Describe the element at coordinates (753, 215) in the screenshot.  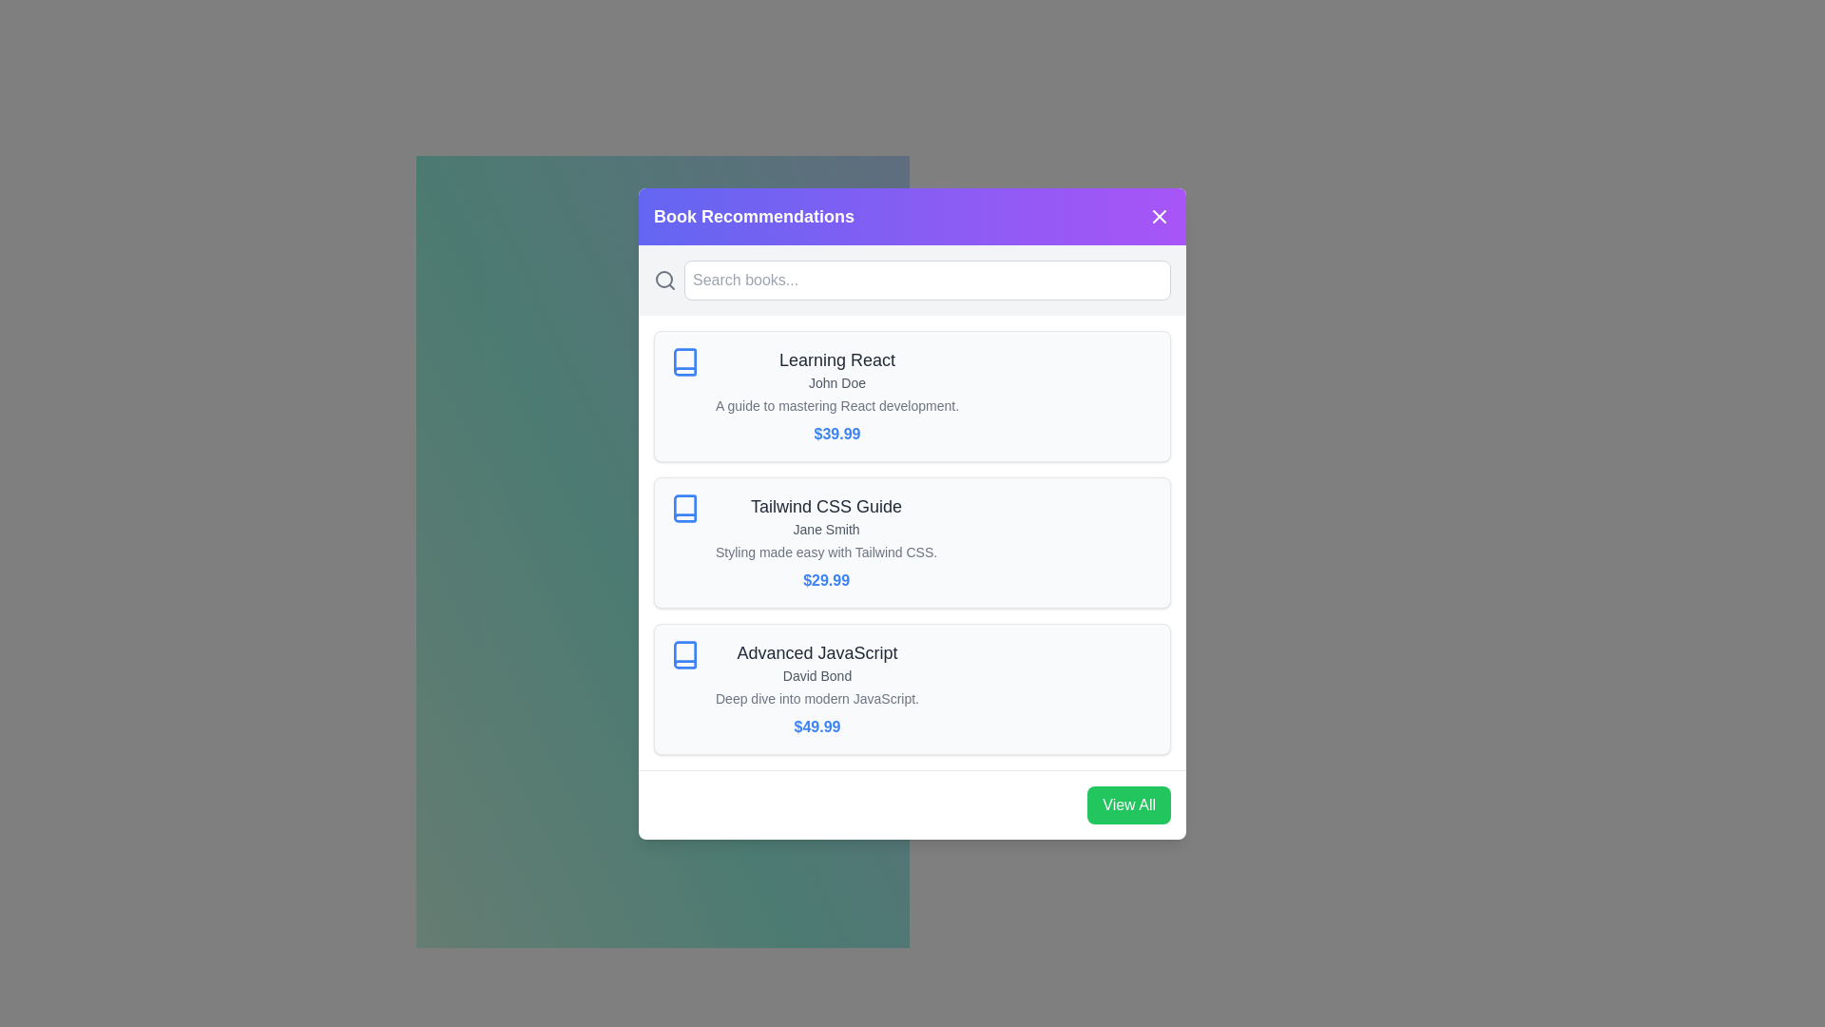
I see `the Text Label that serves as the title for the modal indicating it contains book recommendations` at that location.